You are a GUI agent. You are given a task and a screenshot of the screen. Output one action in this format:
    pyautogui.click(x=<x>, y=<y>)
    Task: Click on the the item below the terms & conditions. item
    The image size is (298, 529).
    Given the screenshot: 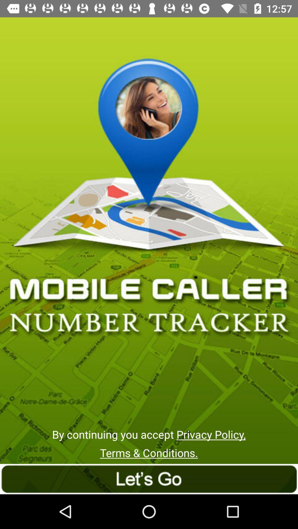 What is the action you would take?
    pyautogui.click(x=149, y=479)
    